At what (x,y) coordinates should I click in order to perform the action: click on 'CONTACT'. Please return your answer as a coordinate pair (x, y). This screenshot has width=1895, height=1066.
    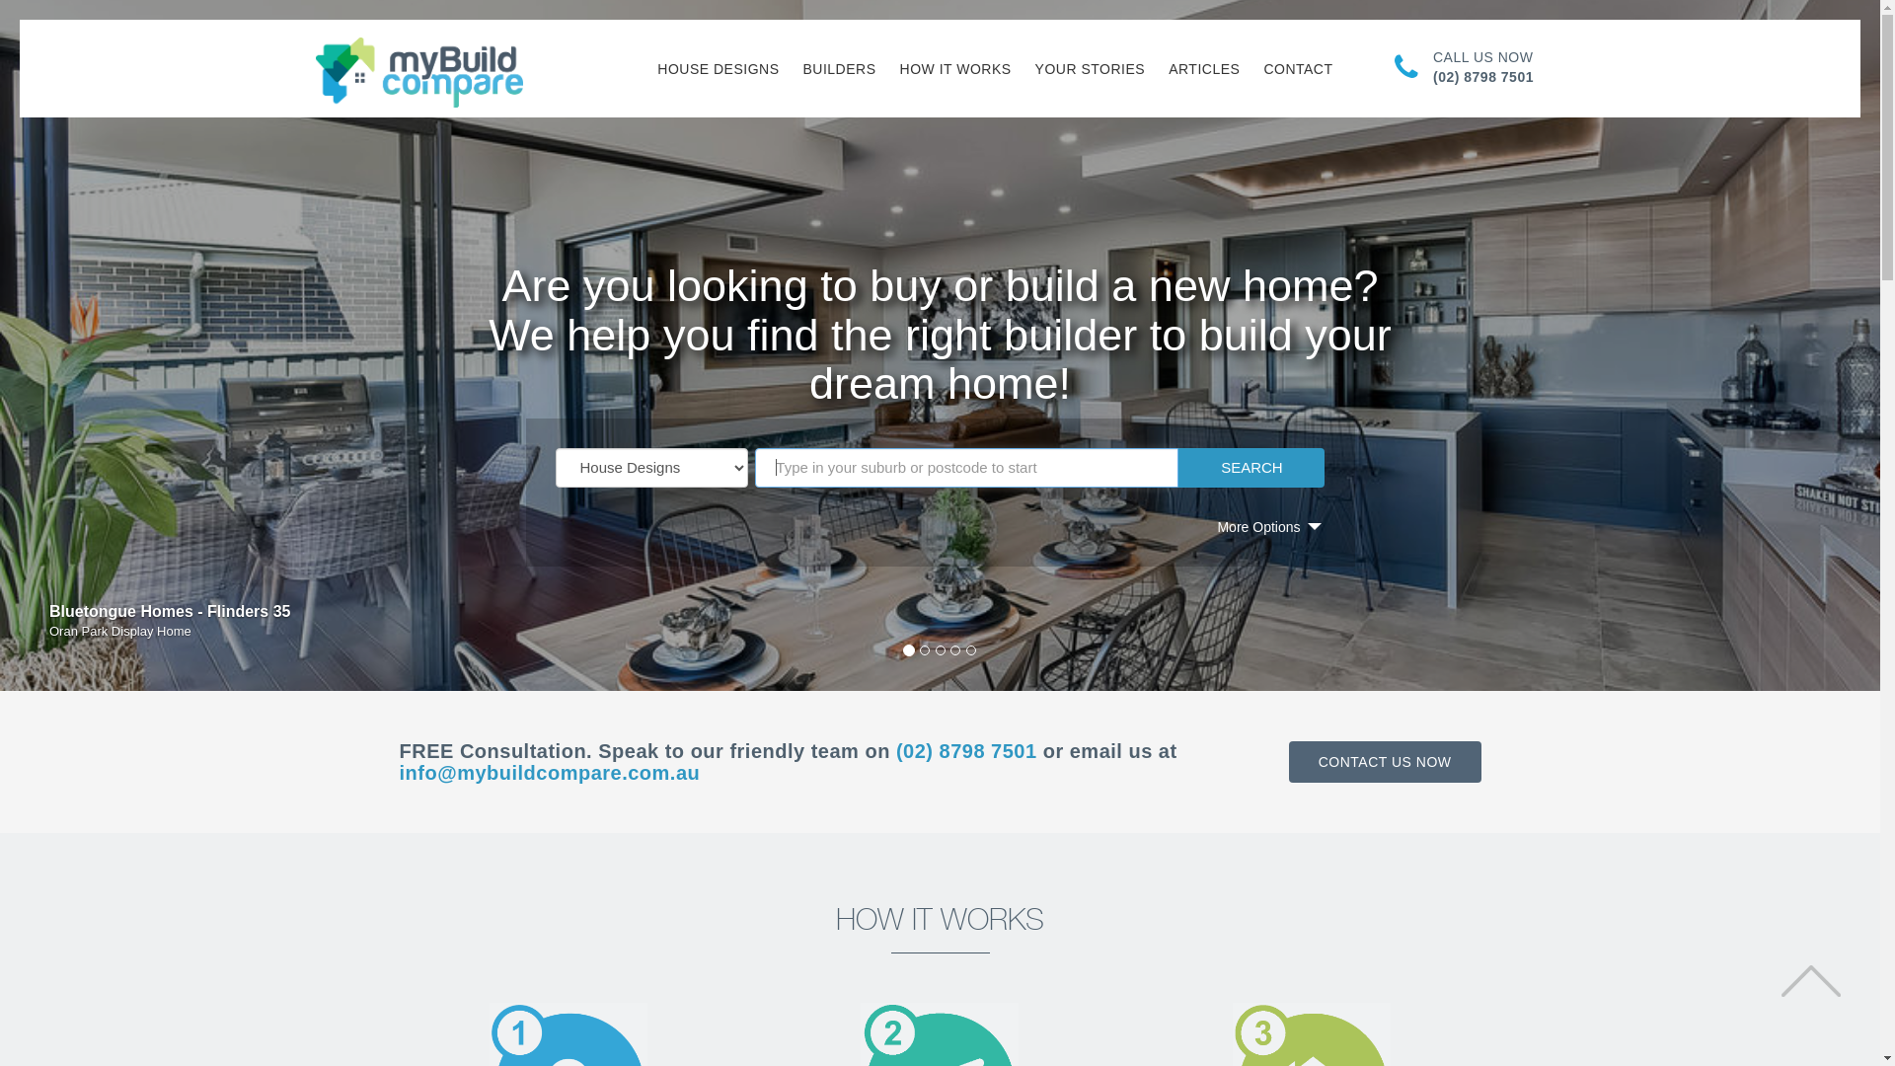
    Looking at the image, I should click on (1298, 67).